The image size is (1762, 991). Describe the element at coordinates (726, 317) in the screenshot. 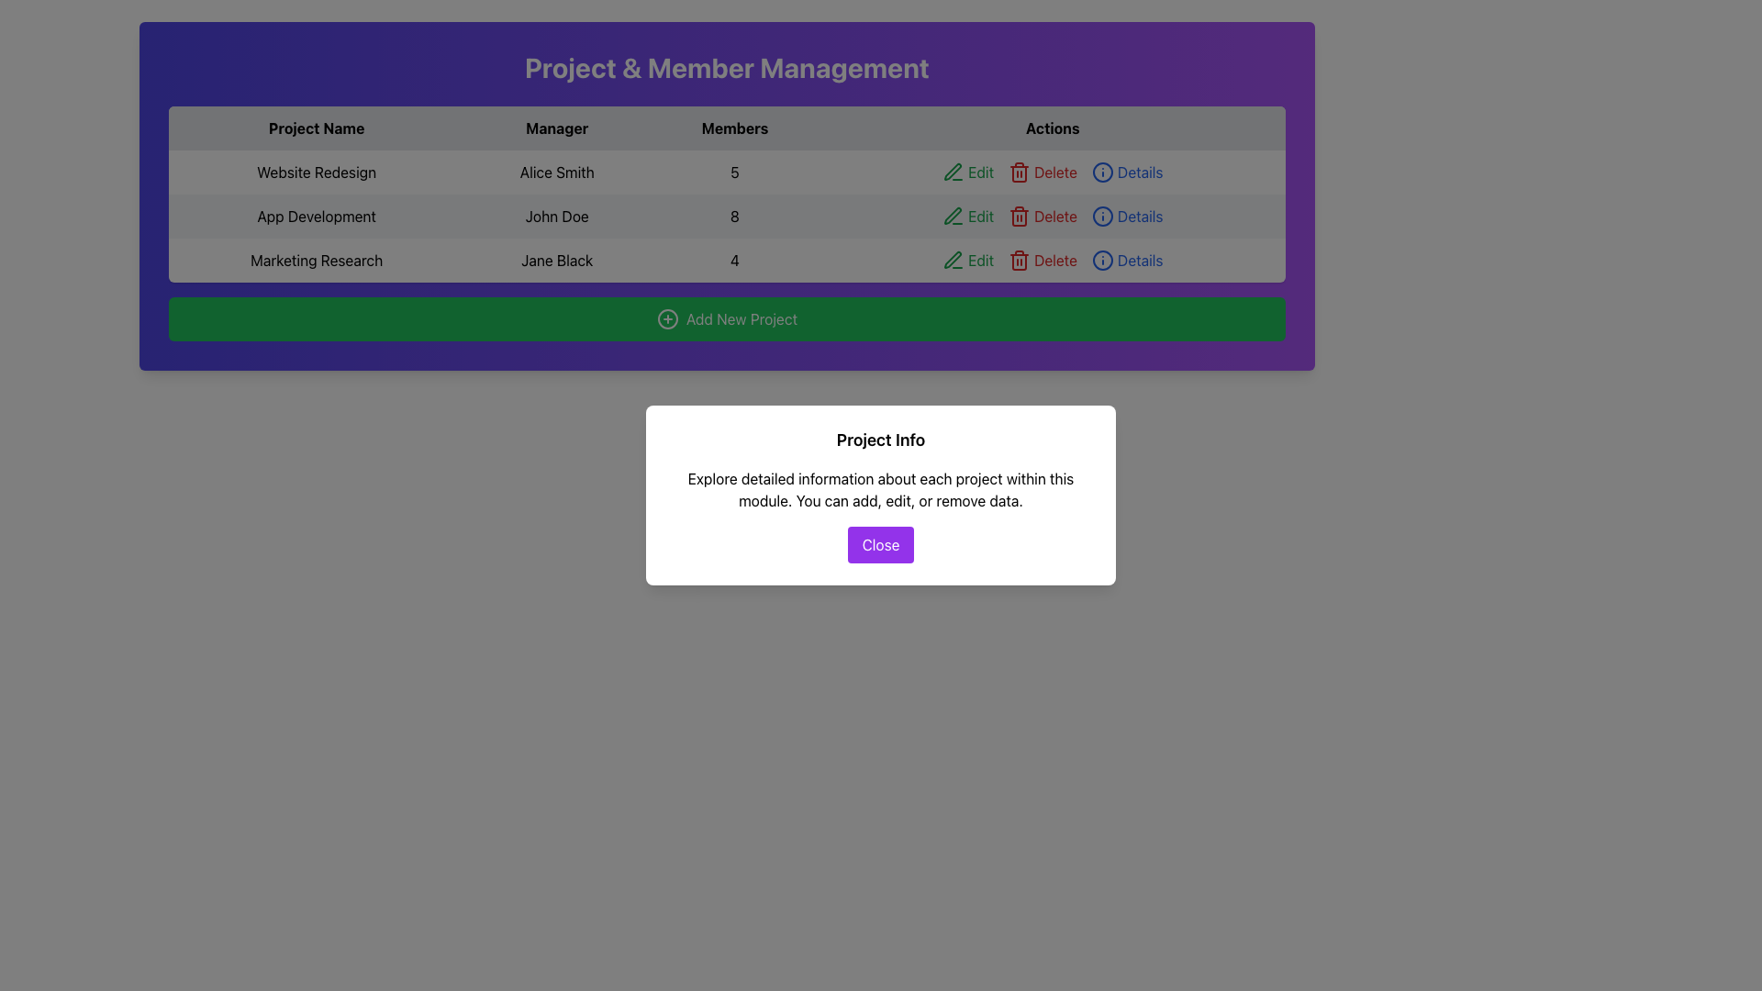

I see `the prominent green button labeled 'Add New Project' to observe its visual feedback` at that location.